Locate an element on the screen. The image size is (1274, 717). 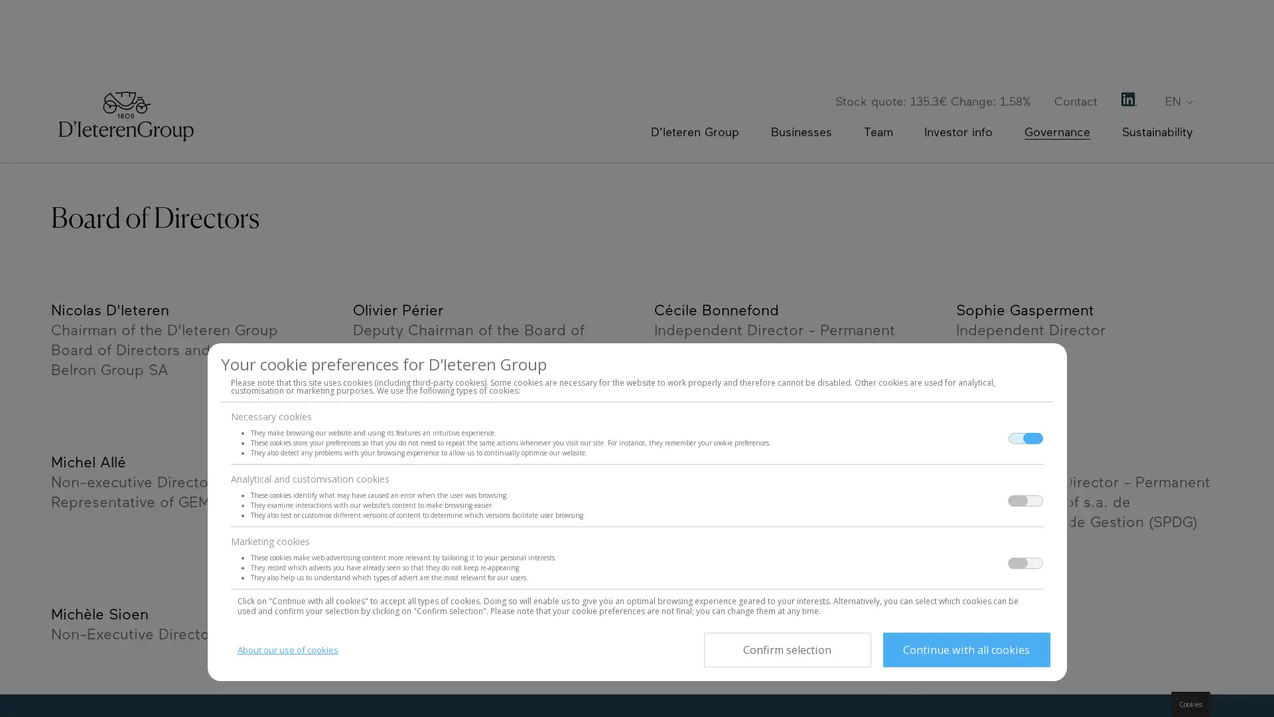
Save Consent Preferences is located at coordinates (786, 649).